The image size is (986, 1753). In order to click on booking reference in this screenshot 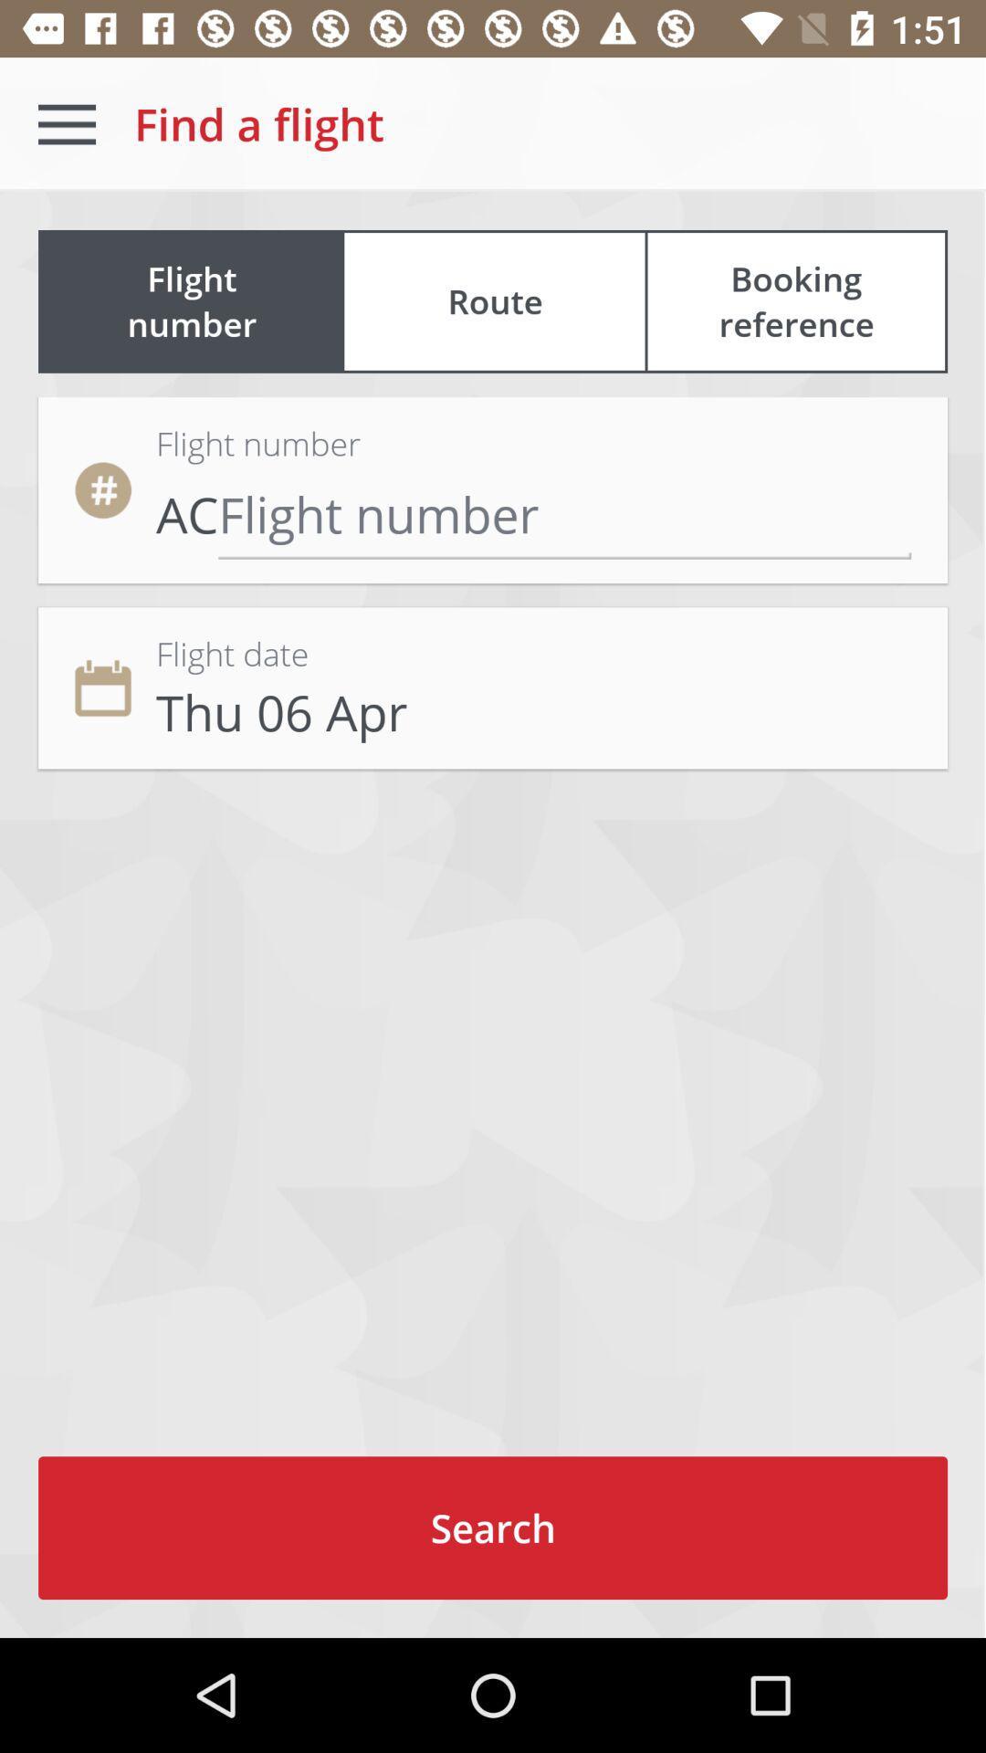, I will do `click(795, 301)`.